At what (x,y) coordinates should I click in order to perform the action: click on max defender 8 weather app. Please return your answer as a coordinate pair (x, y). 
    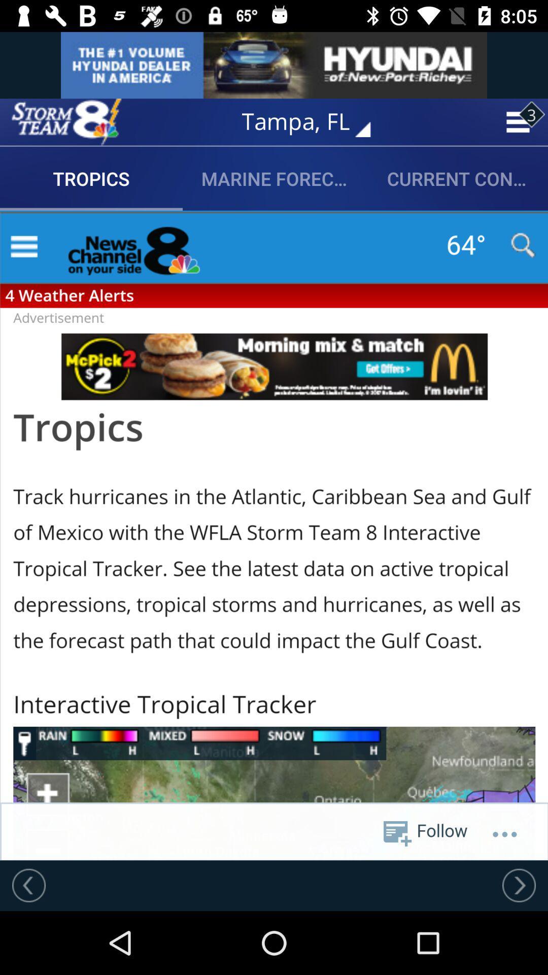
    Looking at the image, I should click on (66, 122).